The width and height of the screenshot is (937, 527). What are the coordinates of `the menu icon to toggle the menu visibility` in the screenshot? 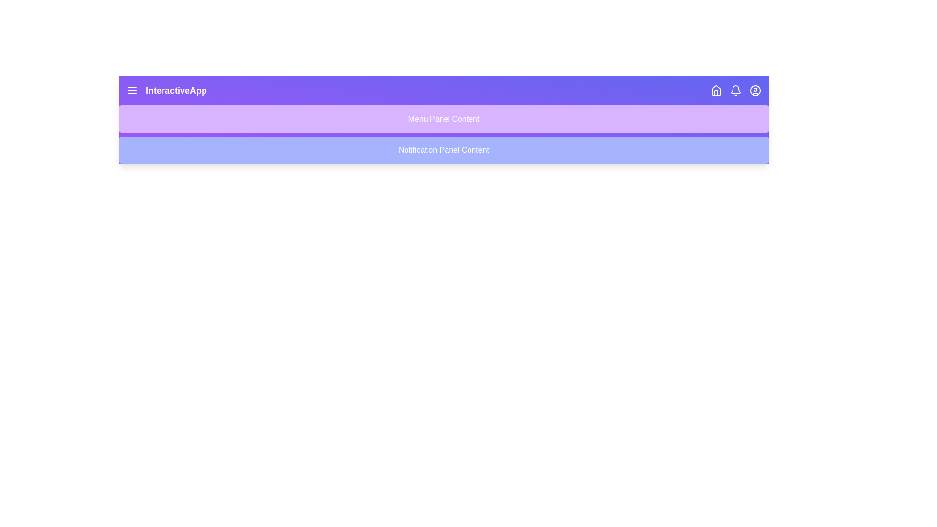 It's located at (131, 90).